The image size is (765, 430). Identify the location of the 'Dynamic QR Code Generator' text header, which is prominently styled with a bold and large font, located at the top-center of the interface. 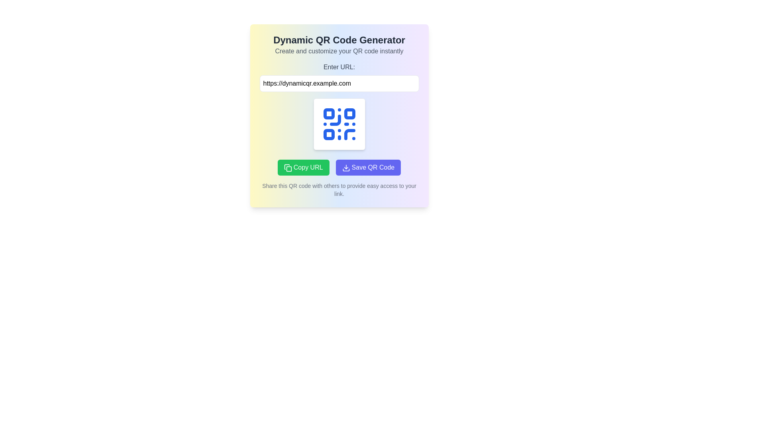
(339, 40).